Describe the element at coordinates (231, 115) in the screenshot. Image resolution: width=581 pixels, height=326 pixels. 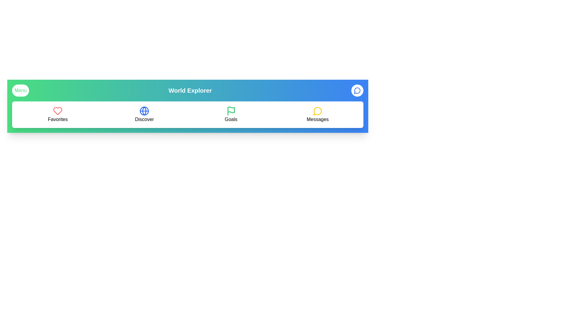
I see `the 'Goals' button` at that location.